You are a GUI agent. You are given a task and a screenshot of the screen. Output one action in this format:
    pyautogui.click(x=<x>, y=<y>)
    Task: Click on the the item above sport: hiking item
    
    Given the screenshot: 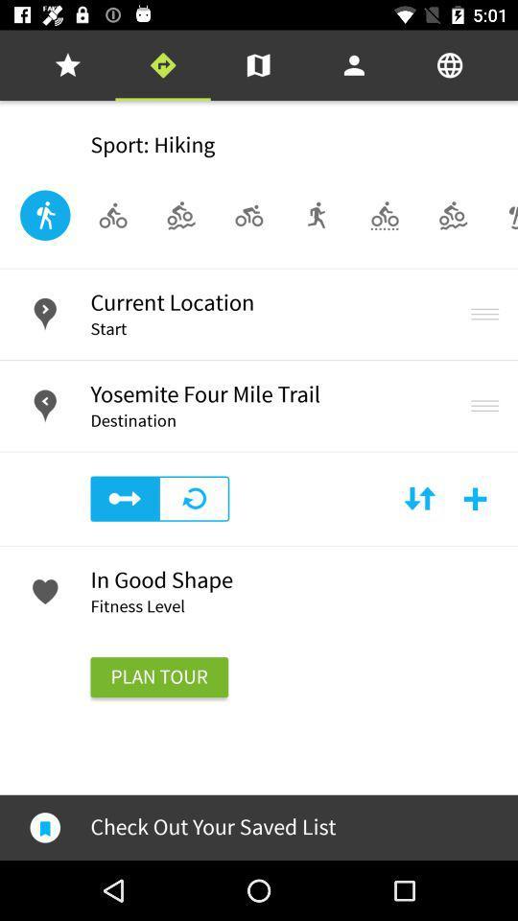 What is the action you would take?
    pyautogui.click(x=258, y=65)
    